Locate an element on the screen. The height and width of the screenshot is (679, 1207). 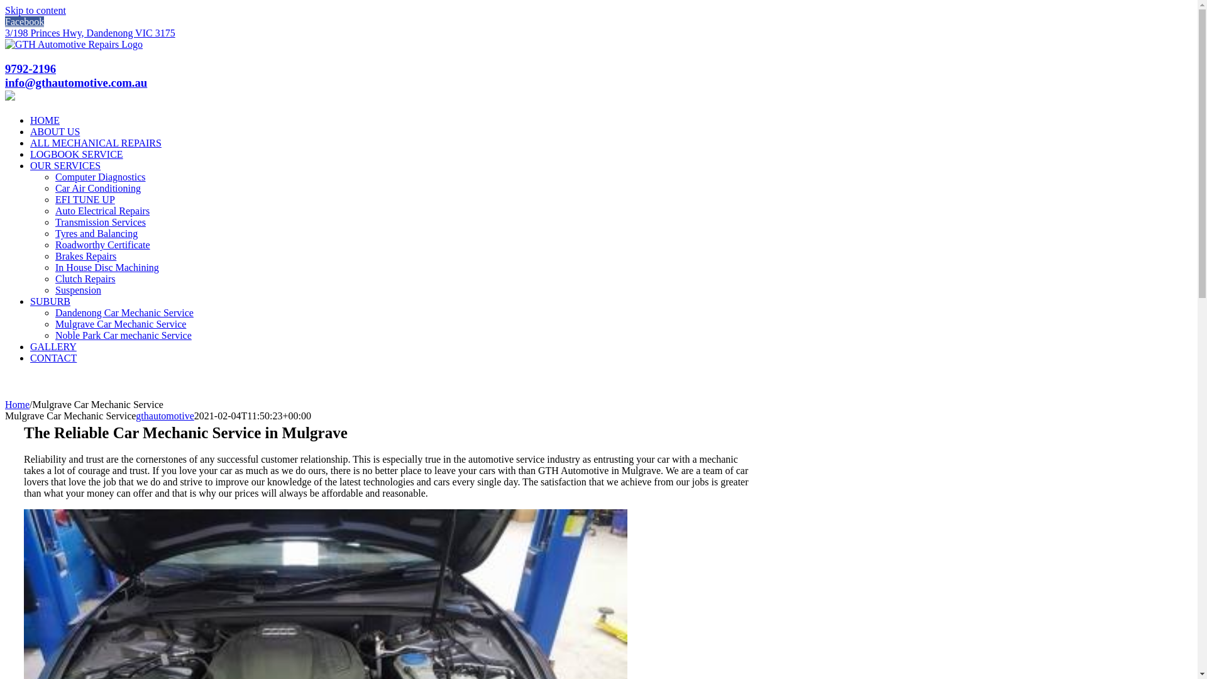
'9792-2196' is located at coordinates (30, 69).